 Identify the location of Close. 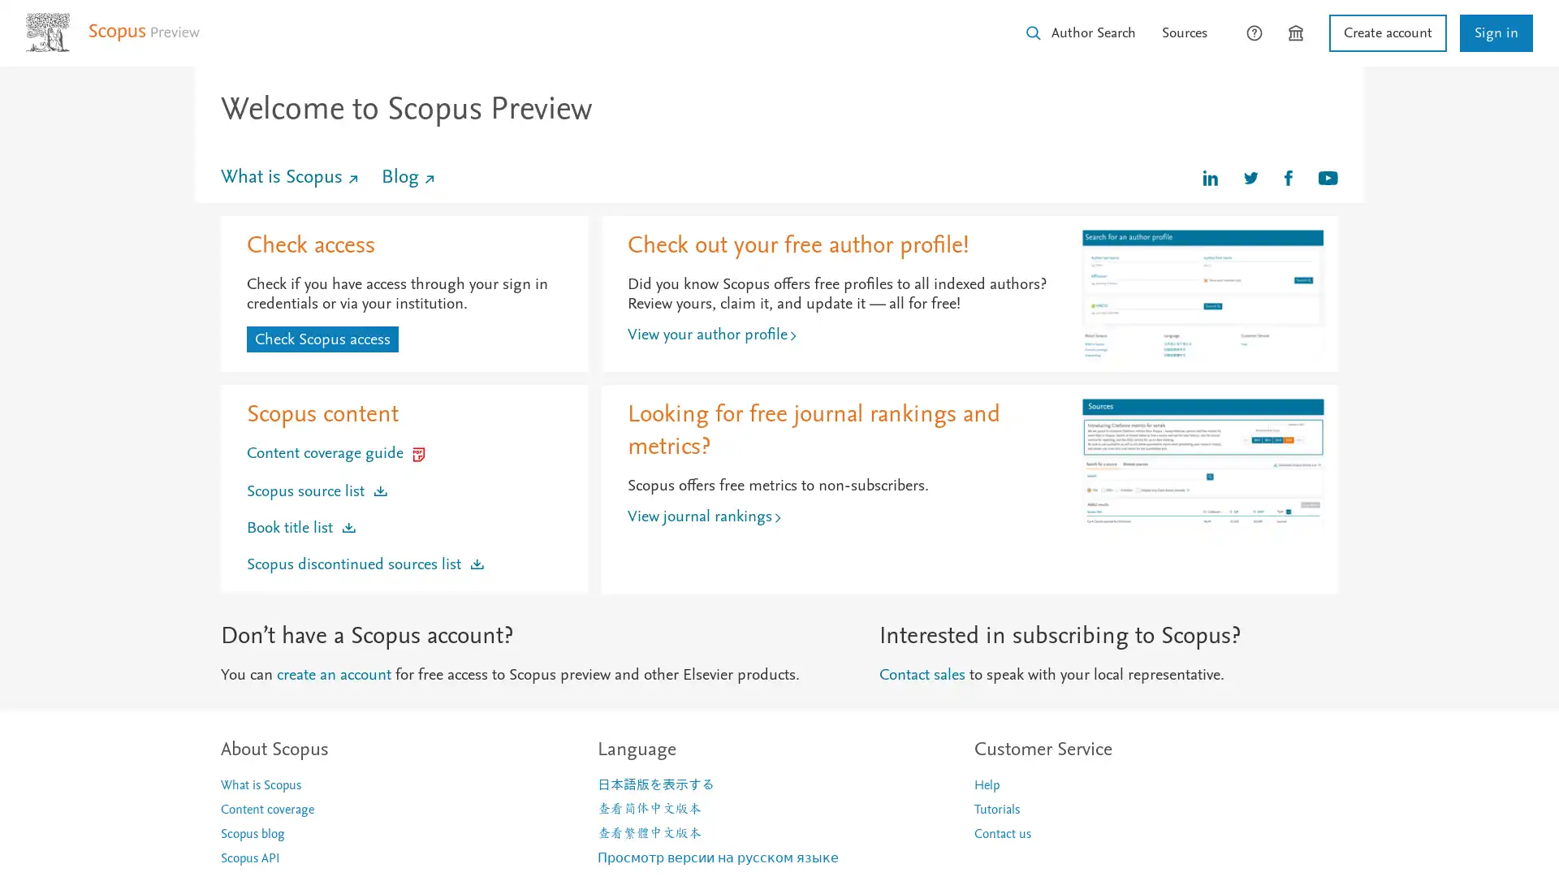
(1511, 700).